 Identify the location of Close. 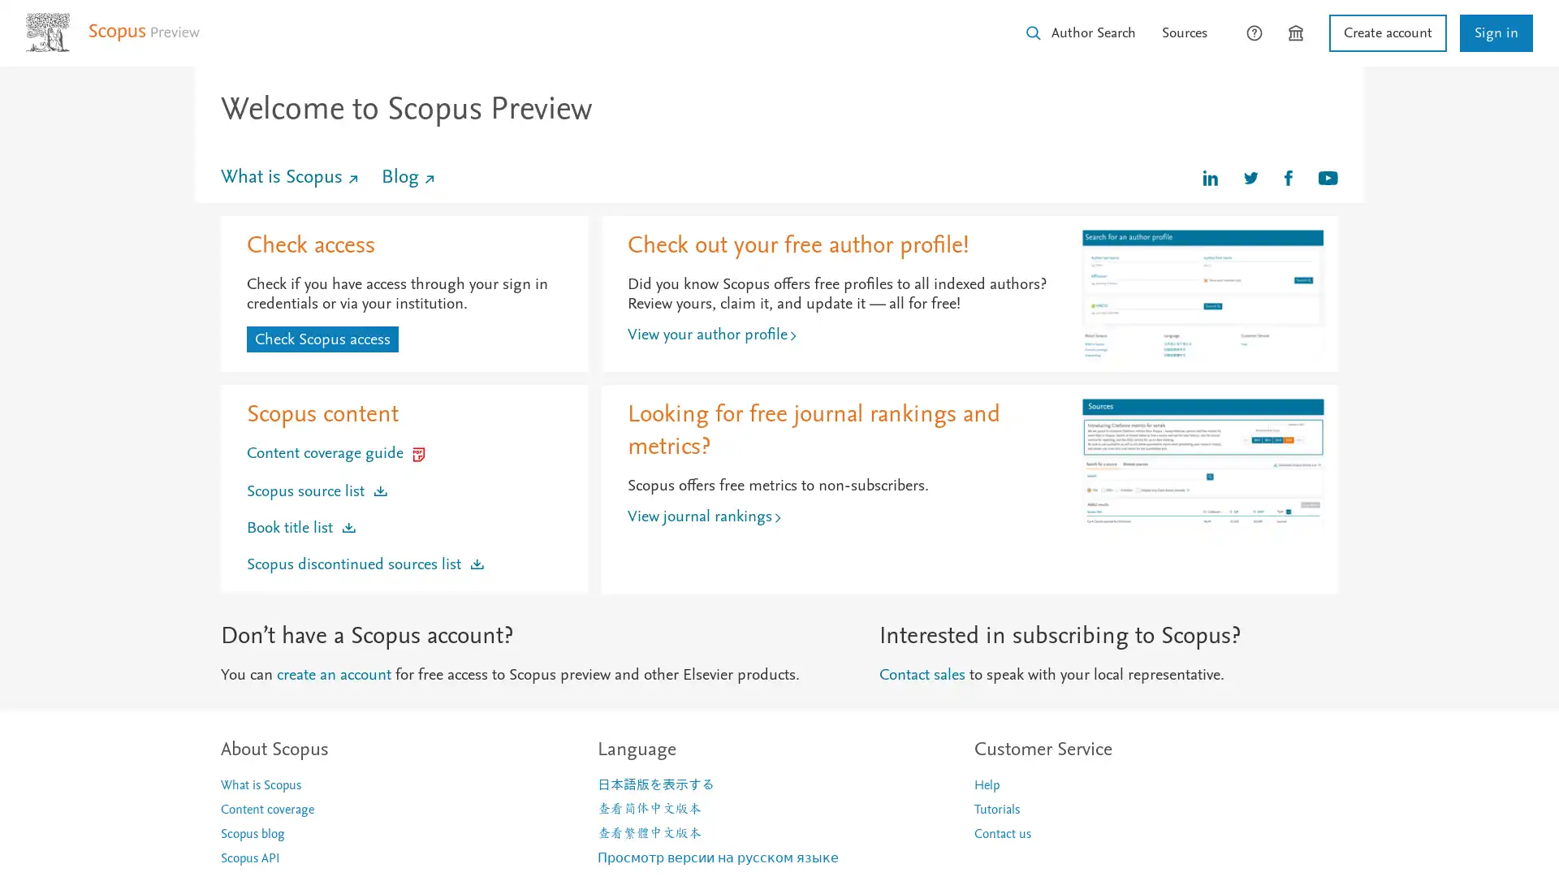
(1511, 700).